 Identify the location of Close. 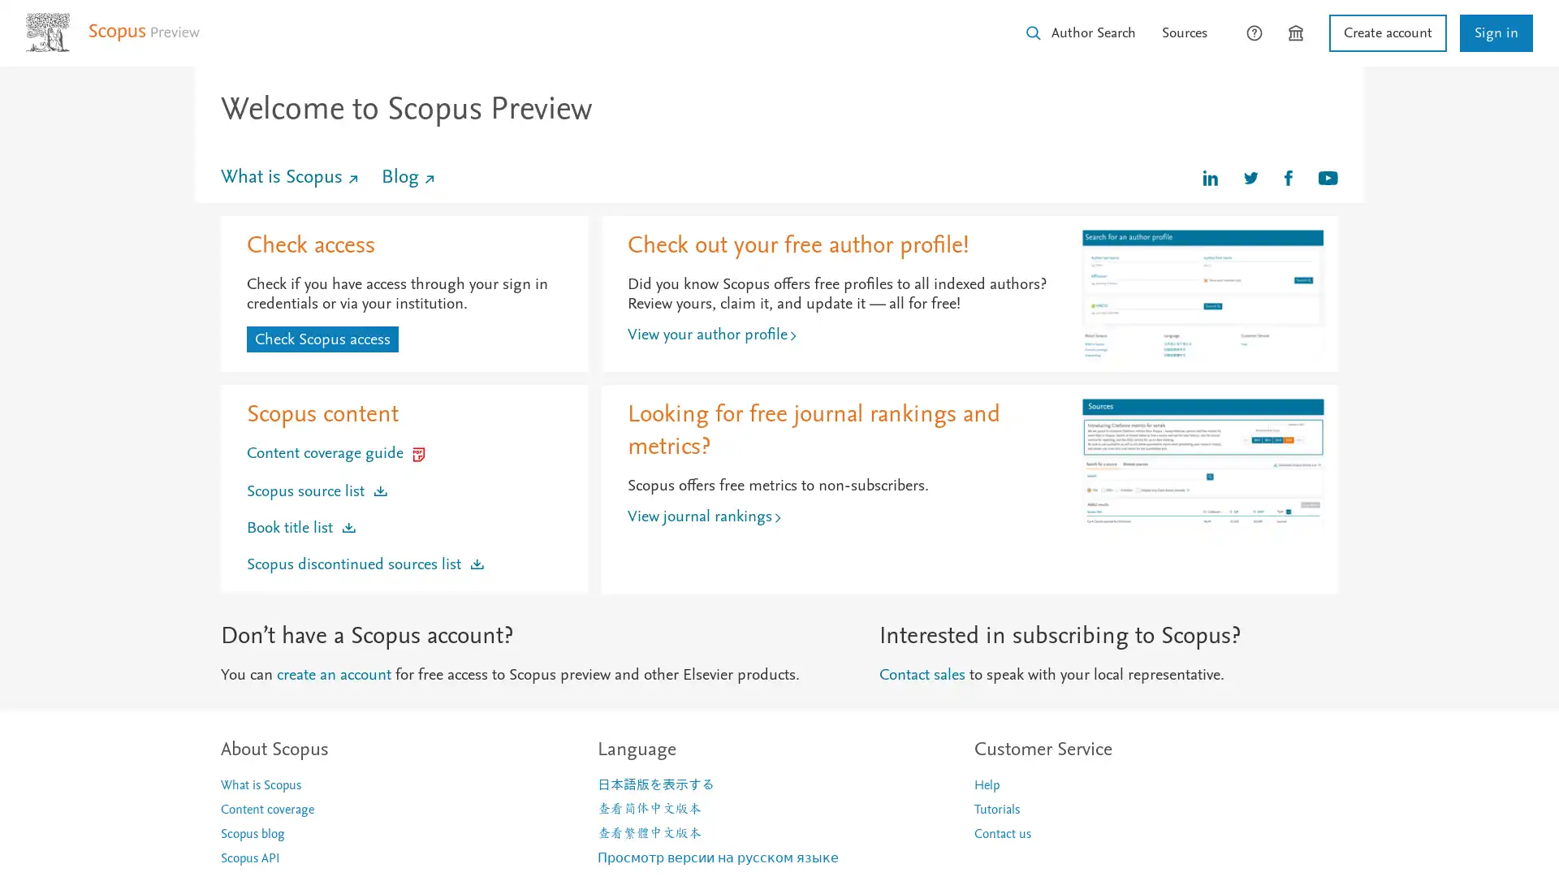
(1511, 700).